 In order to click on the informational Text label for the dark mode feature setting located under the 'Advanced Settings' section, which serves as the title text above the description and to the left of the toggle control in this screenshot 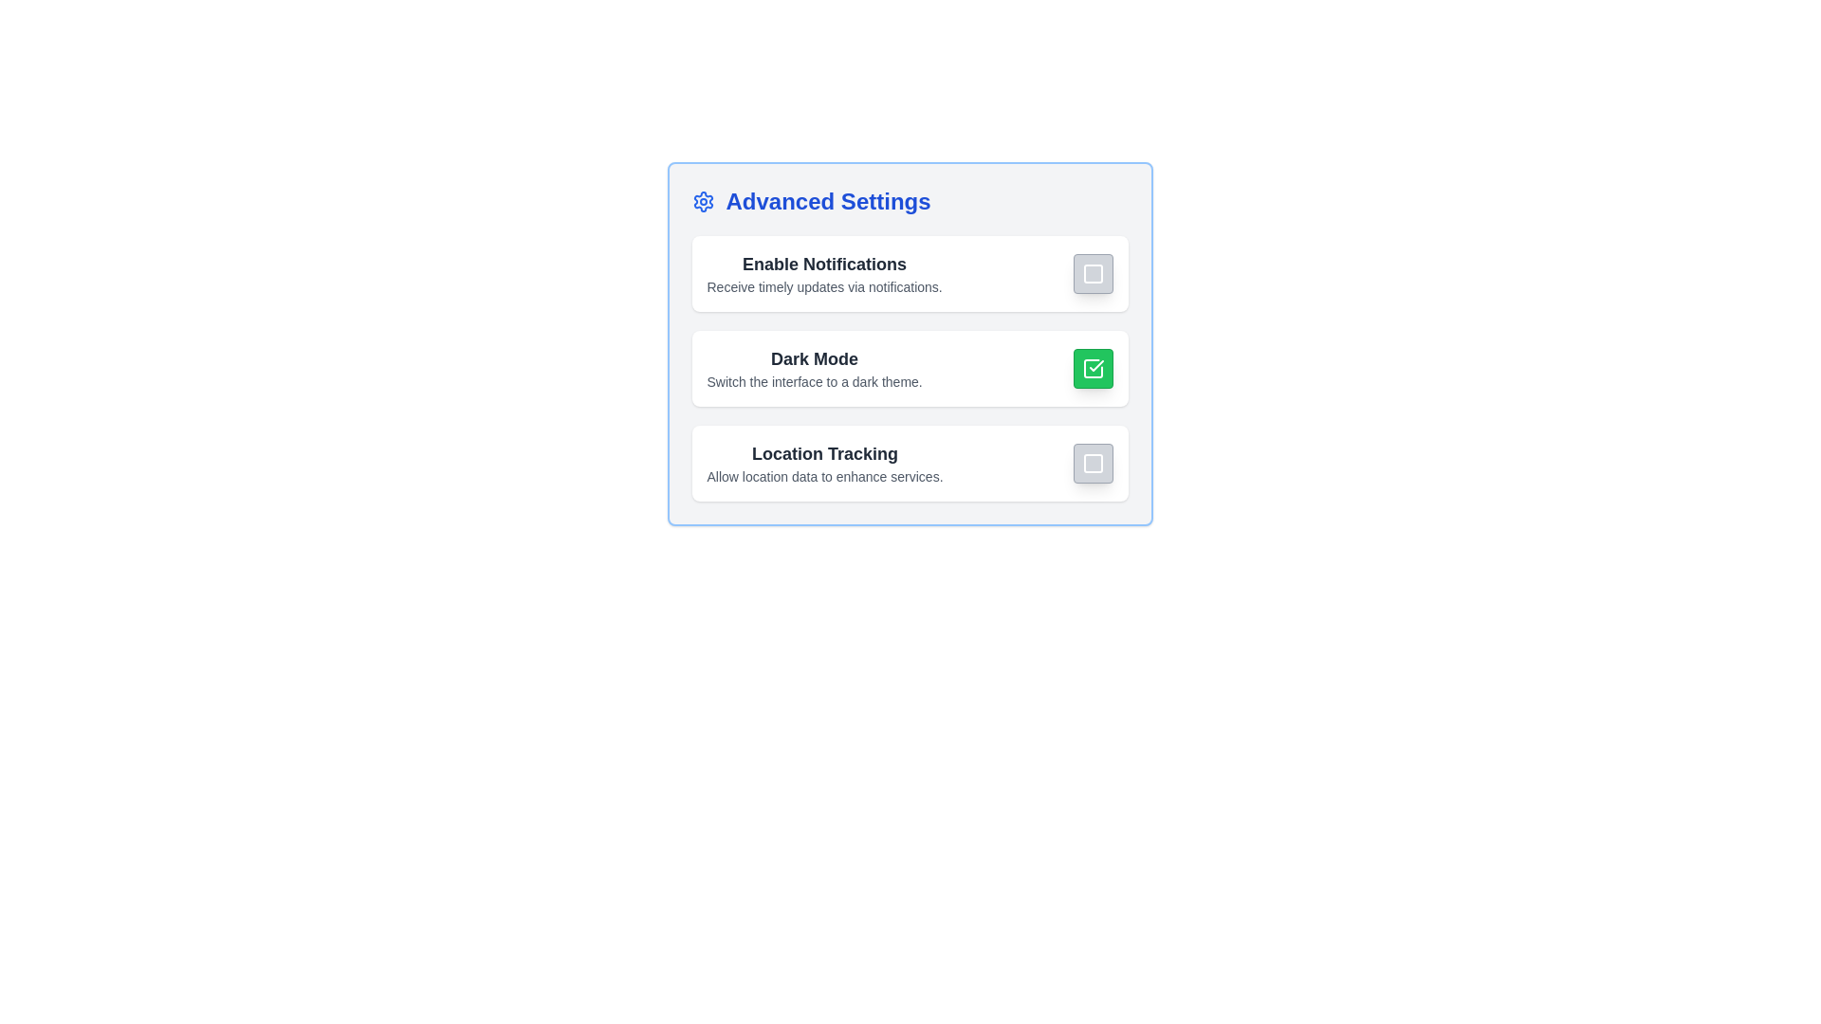, I will do `click(815, 358)`.